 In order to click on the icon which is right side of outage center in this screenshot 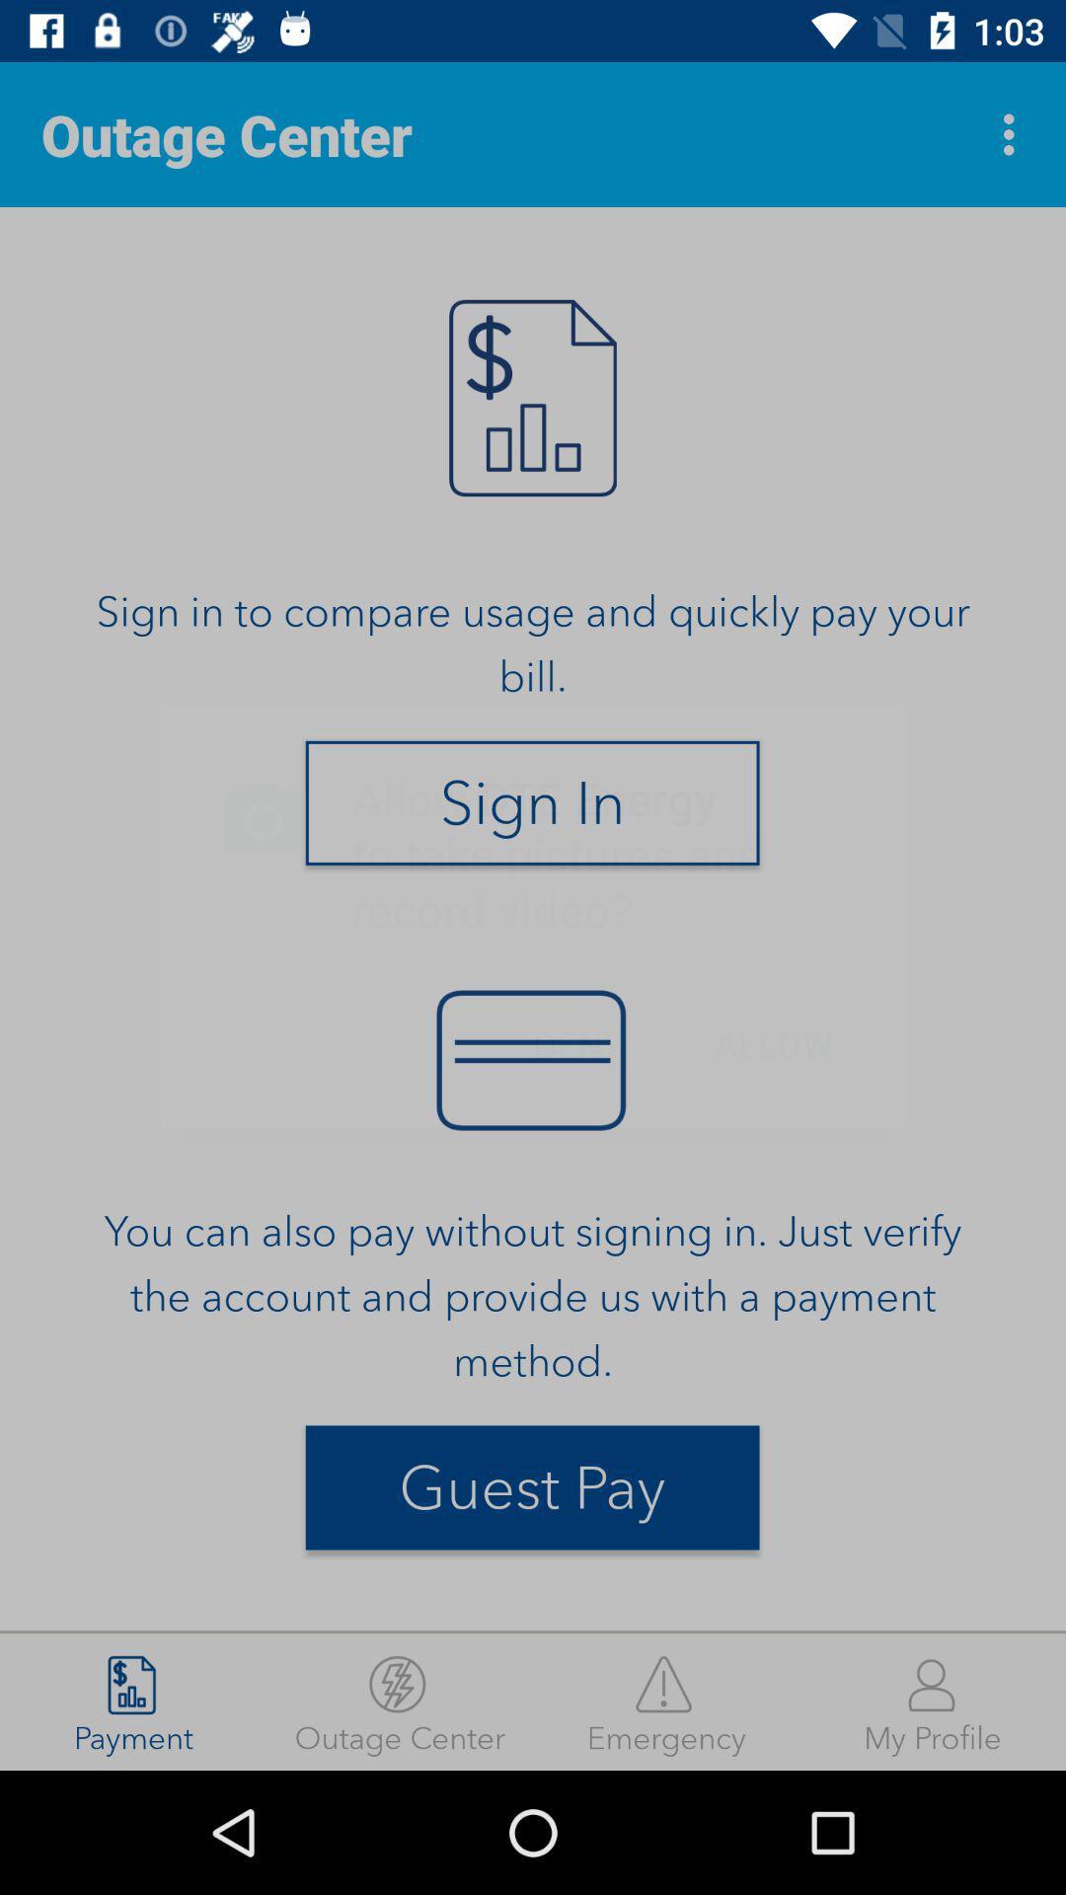, I will do `click(1014, 134)`.